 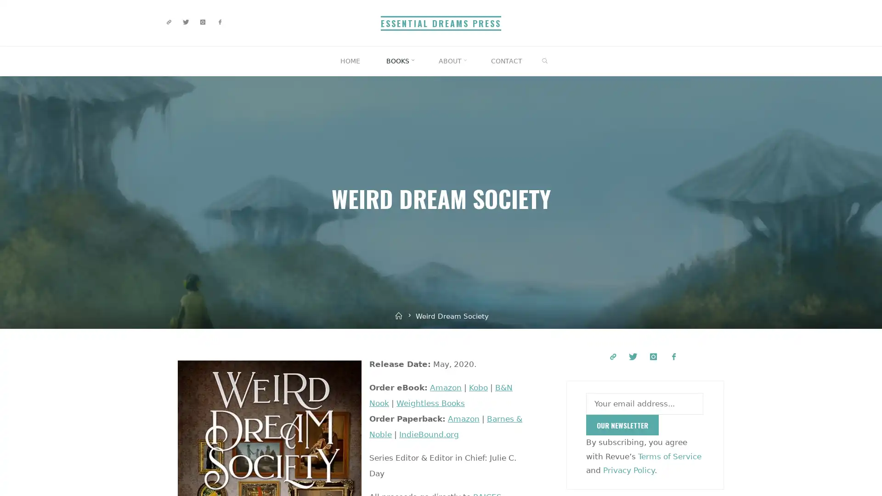 What do you see at coordinates (622, 425) in the screenshot?
I see `Our Newsletter` at bounding box center [622, 425].